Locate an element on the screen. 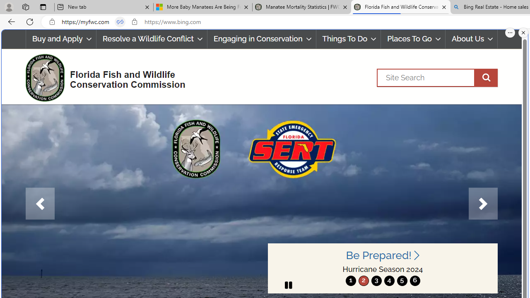  '5' is located at coordinates (402, 280).